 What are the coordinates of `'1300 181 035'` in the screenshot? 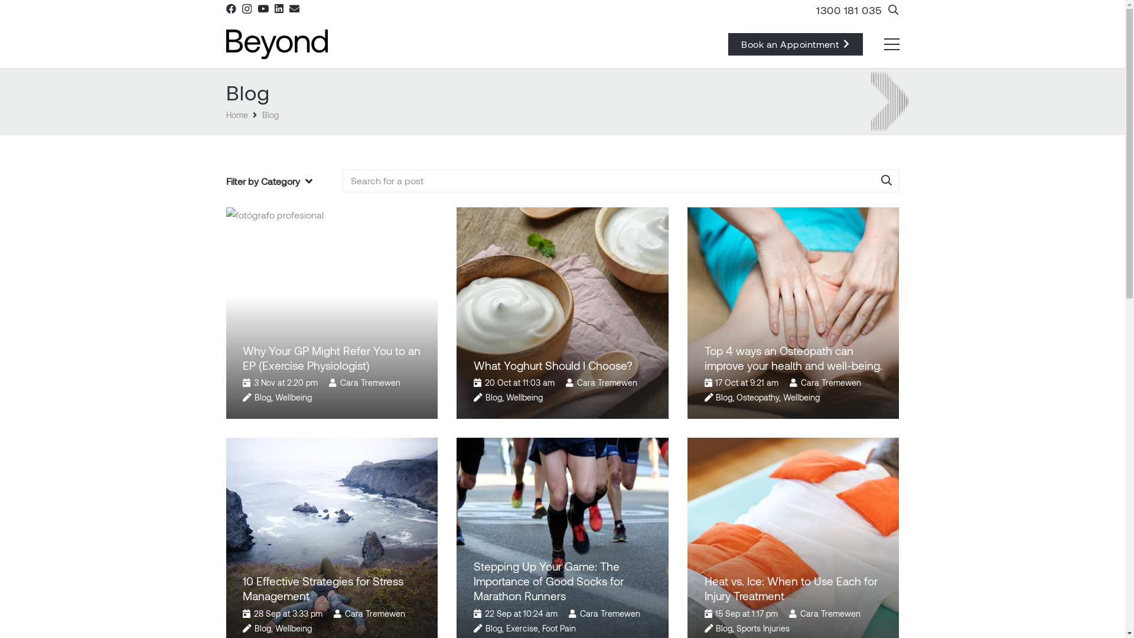 It's located at (848, 9).